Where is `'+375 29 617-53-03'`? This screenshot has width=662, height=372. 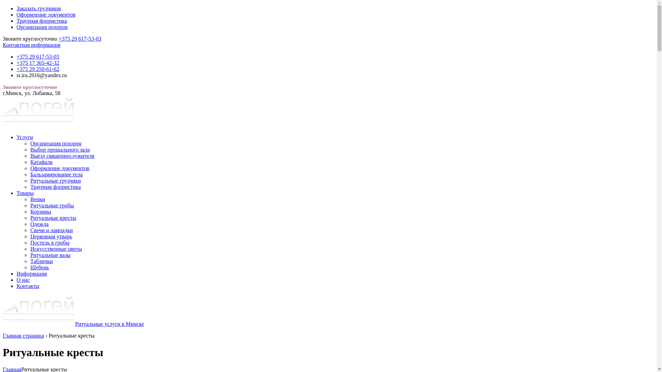
'+375 29 617-53-03' is located at coordinates (38, 56).